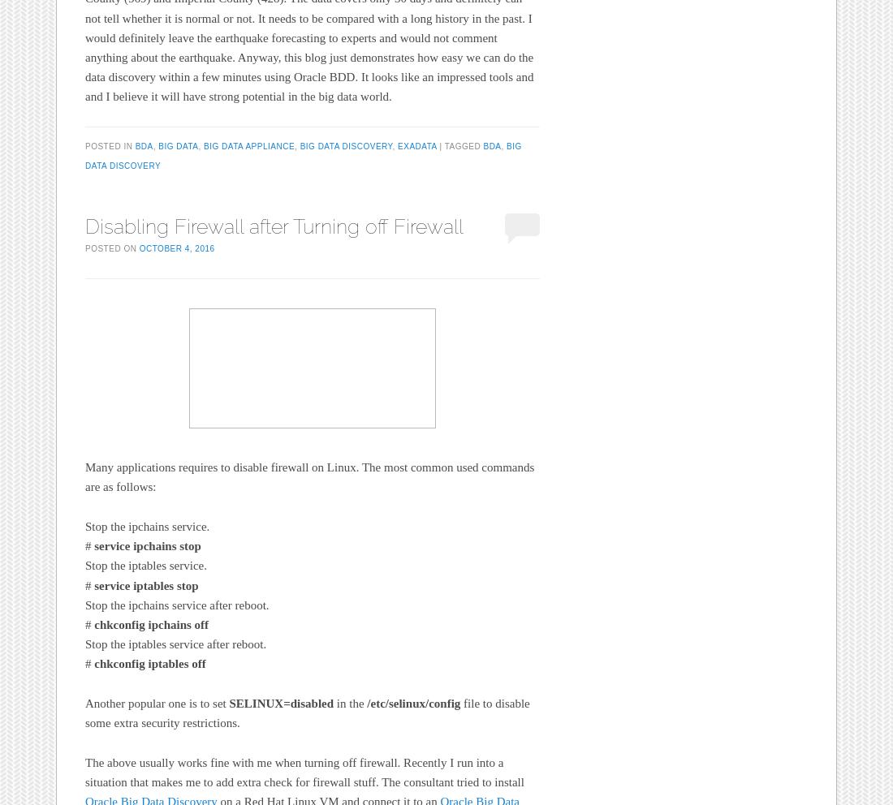 Image resolution: width=893 pixels, height=805 pixels. What do you see at coordinates (463, 145) in the screenshot?
I see `'Tagged'` at bounding box center [463, 145].